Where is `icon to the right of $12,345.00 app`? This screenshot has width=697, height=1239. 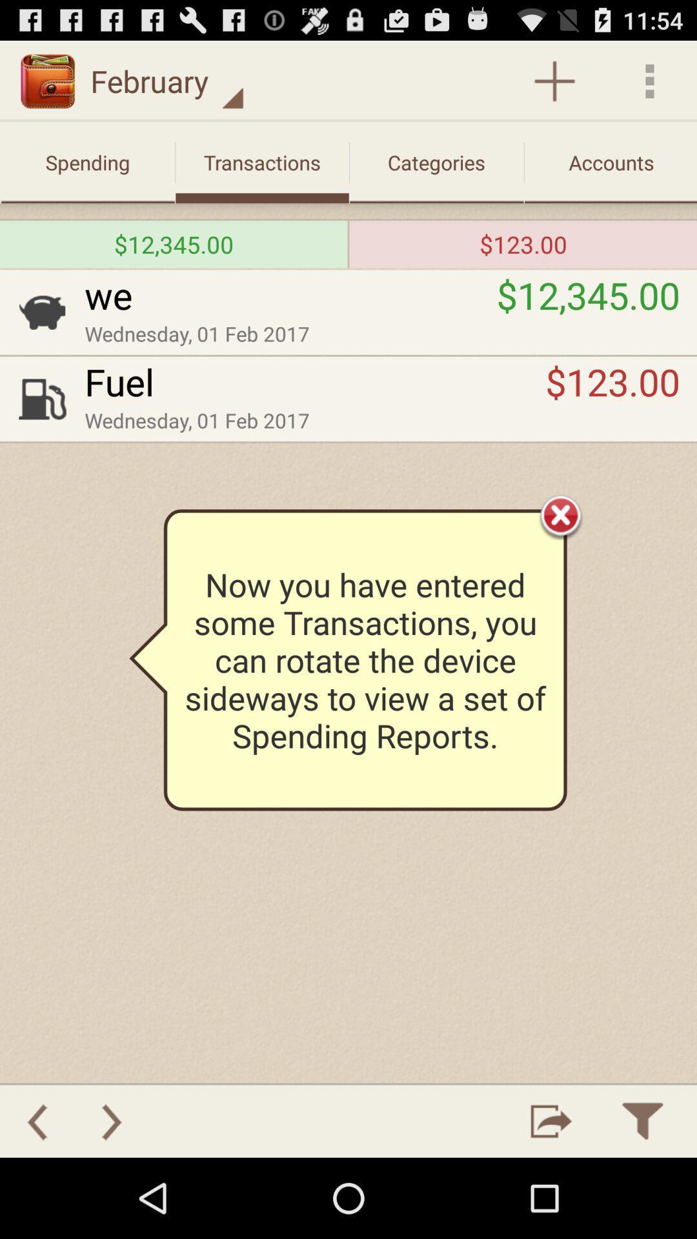
icon to the right of $12,345.00 app is located at coordinates (348, 244).